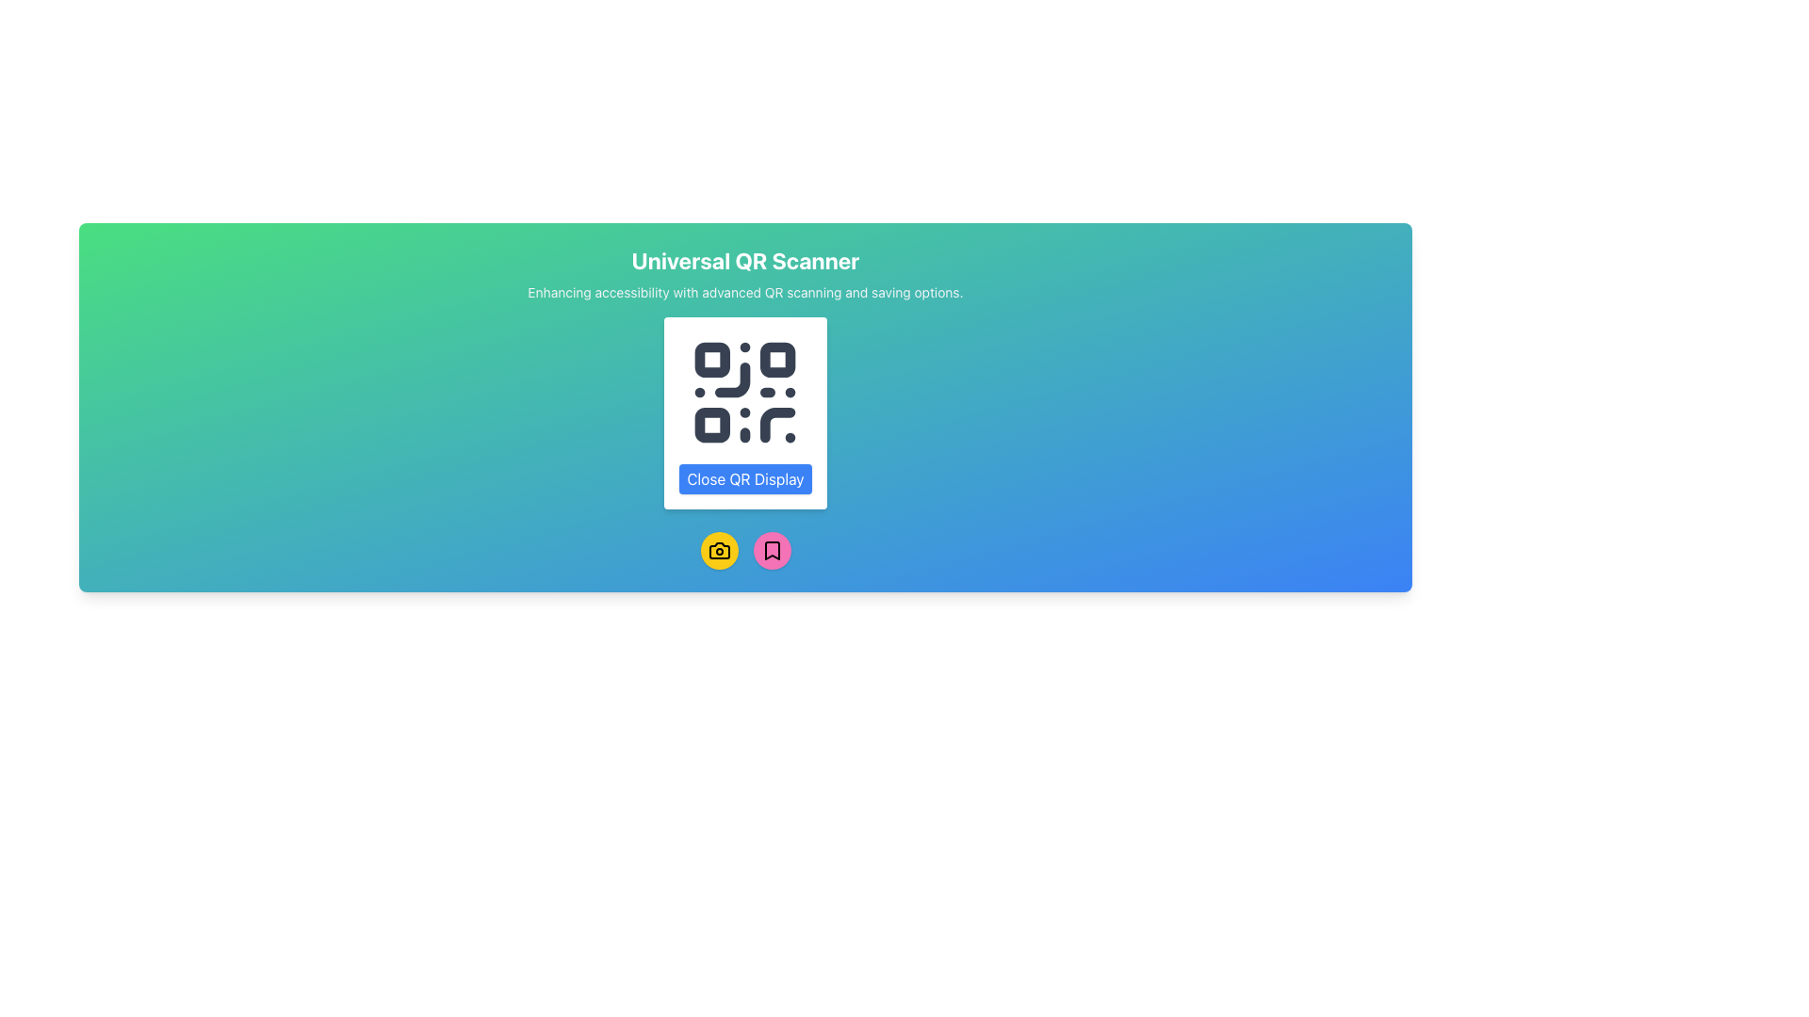  I want to click on the bookmark icon button with a pink circular background located in the bottom-right corner of the main interactive section, so click(772, 551).